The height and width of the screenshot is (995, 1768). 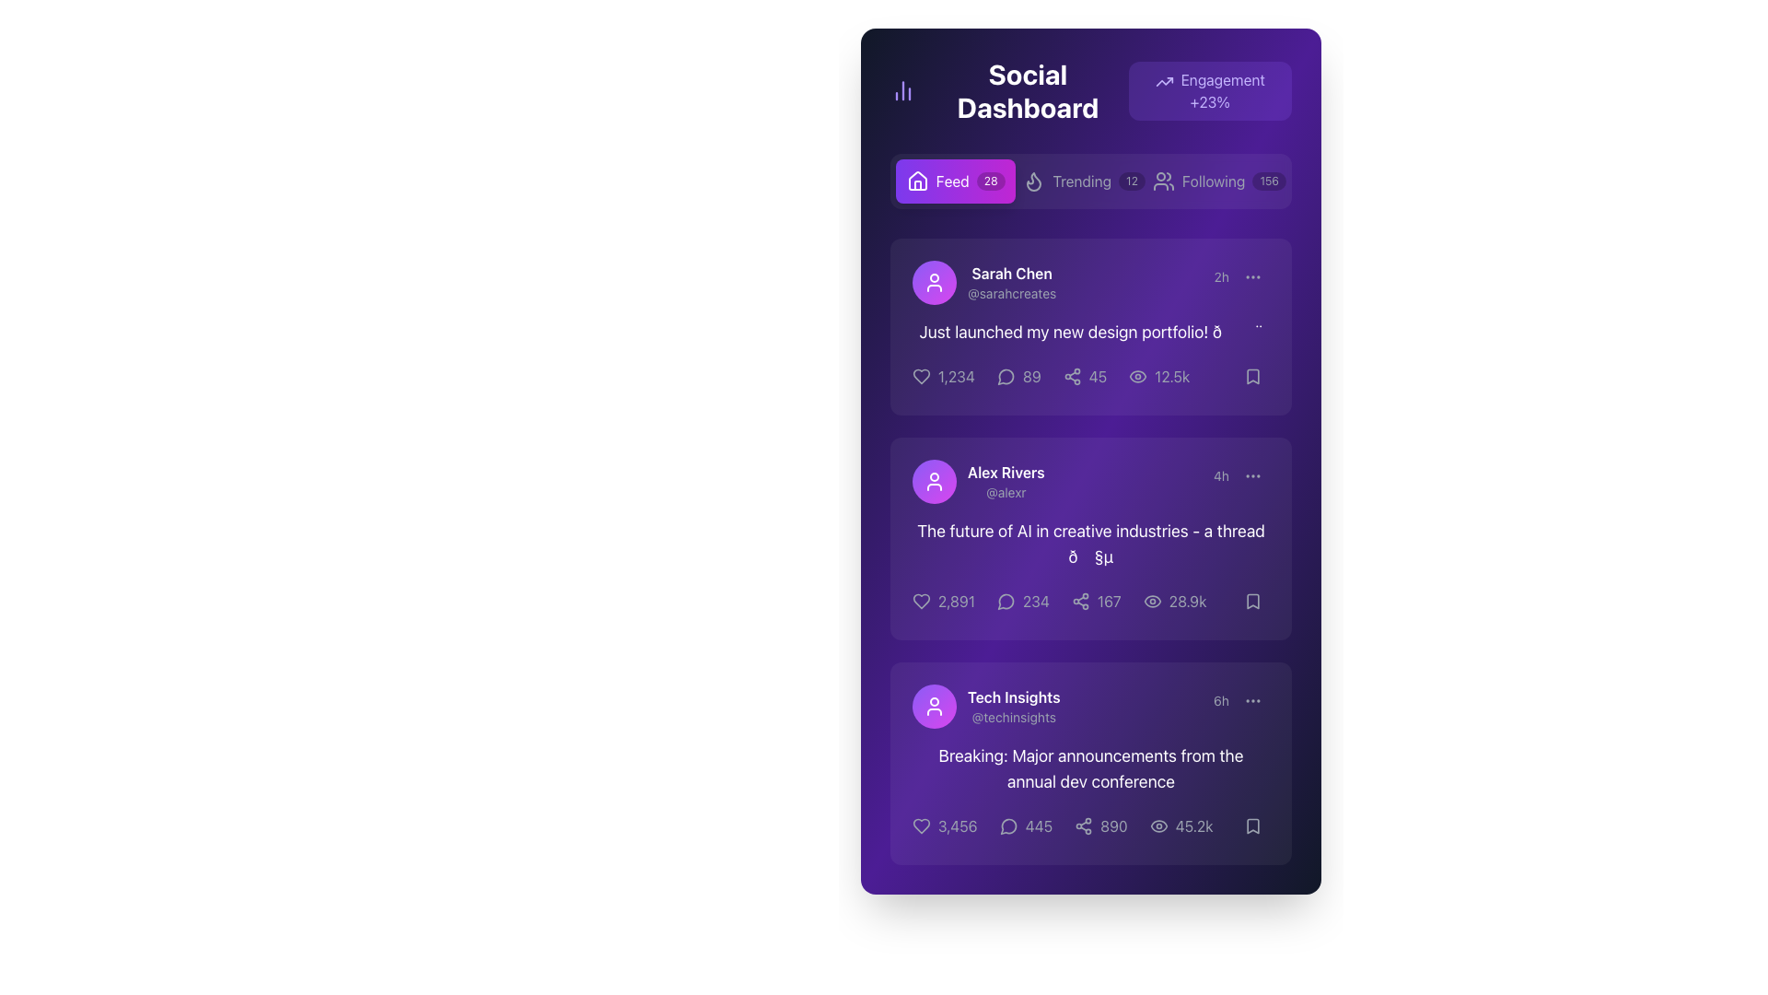 I want to click on the rightmost button in the group labeled 'Feed' and 'Trending' to change its style, so click(x=1219, y=181).